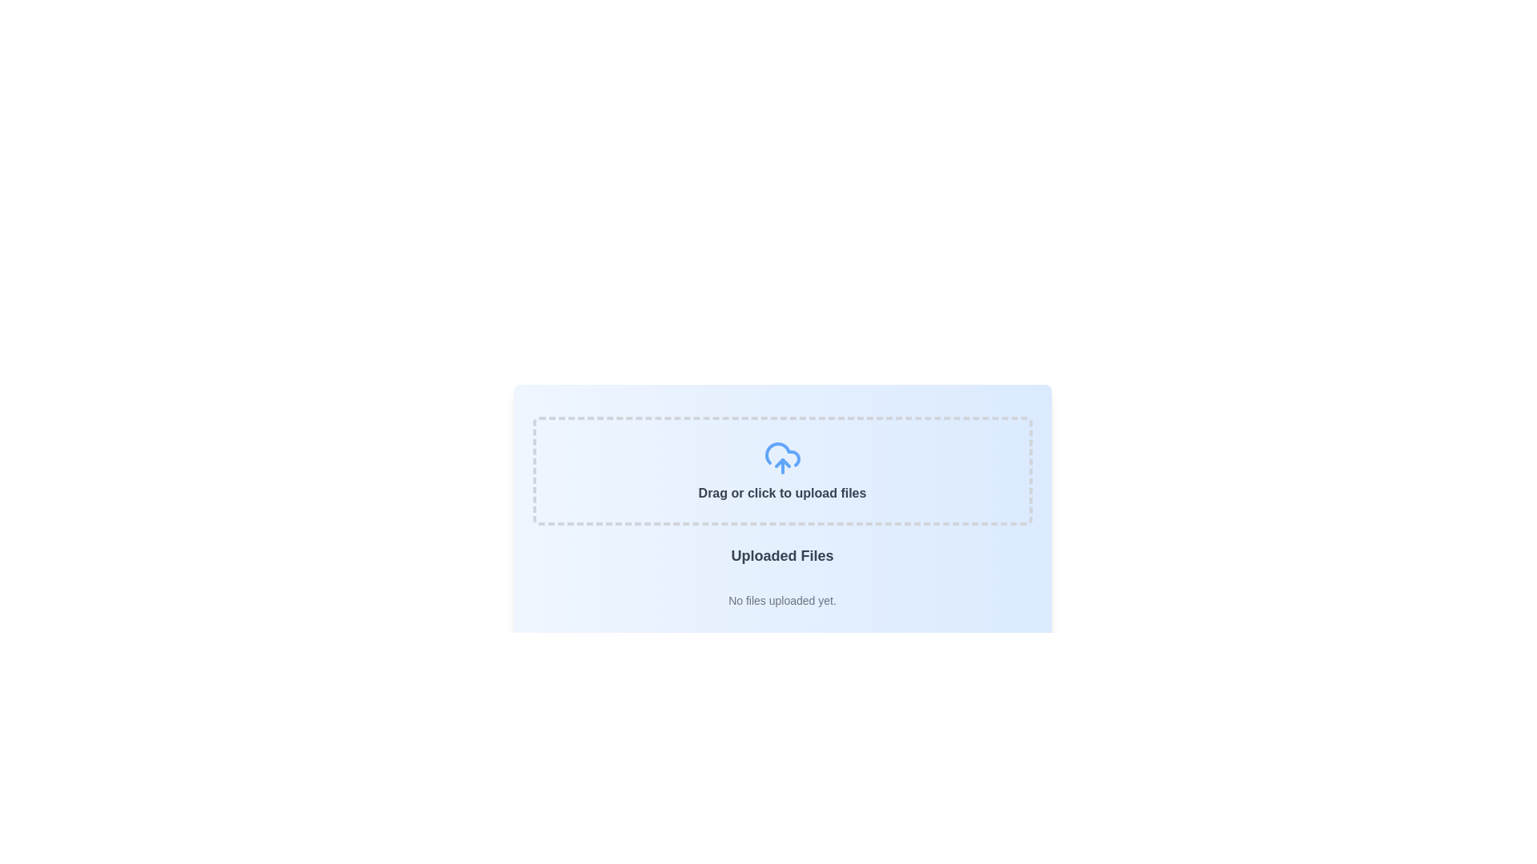  I want to click on text label prompting users to drag files or click to upload files, which is located within a dashed border box above the 'Uploaded Files' section, so click(782, 493).